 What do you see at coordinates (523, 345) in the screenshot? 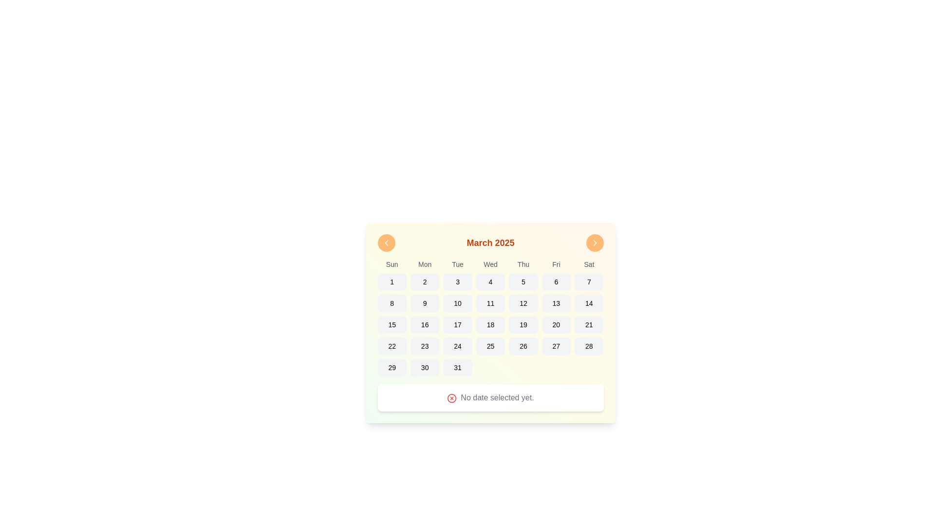
I see `the button displaying '26' in a calendar grid layout` at bounding box center [523, 345].